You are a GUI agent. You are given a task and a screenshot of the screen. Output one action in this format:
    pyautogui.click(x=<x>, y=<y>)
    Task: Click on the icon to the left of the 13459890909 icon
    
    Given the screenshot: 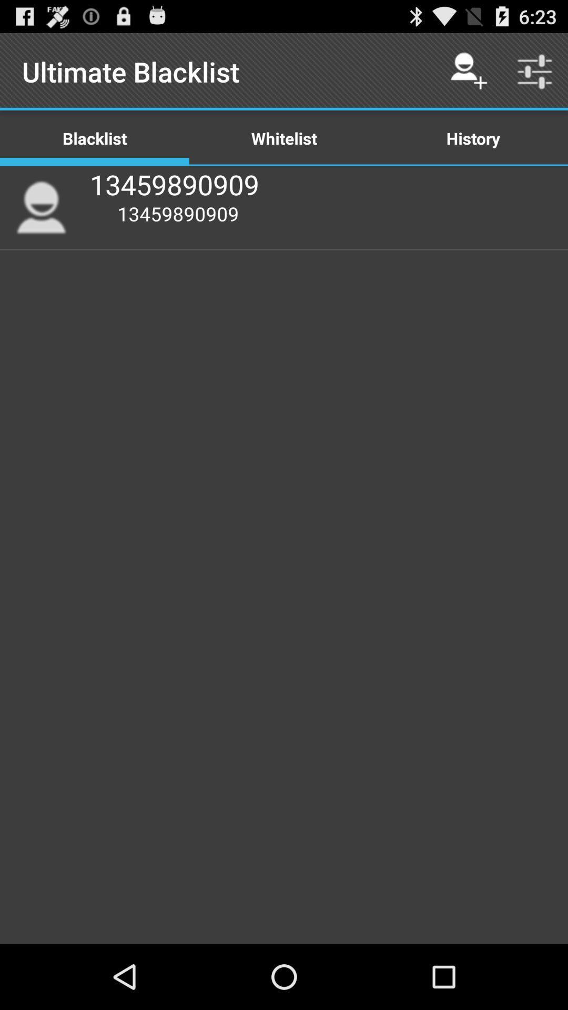 What is the action you would take?
    pyautogui.click(x=40, y=207)
    